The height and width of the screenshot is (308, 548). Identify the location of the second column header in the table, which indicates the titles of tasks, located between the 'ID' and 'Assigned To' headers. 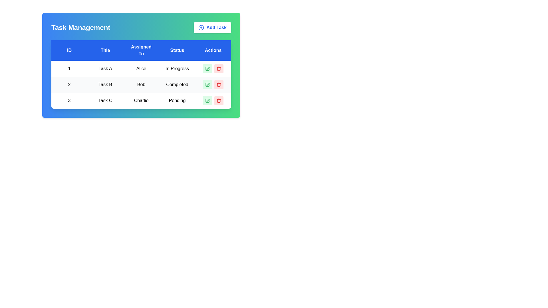
(105, 50).